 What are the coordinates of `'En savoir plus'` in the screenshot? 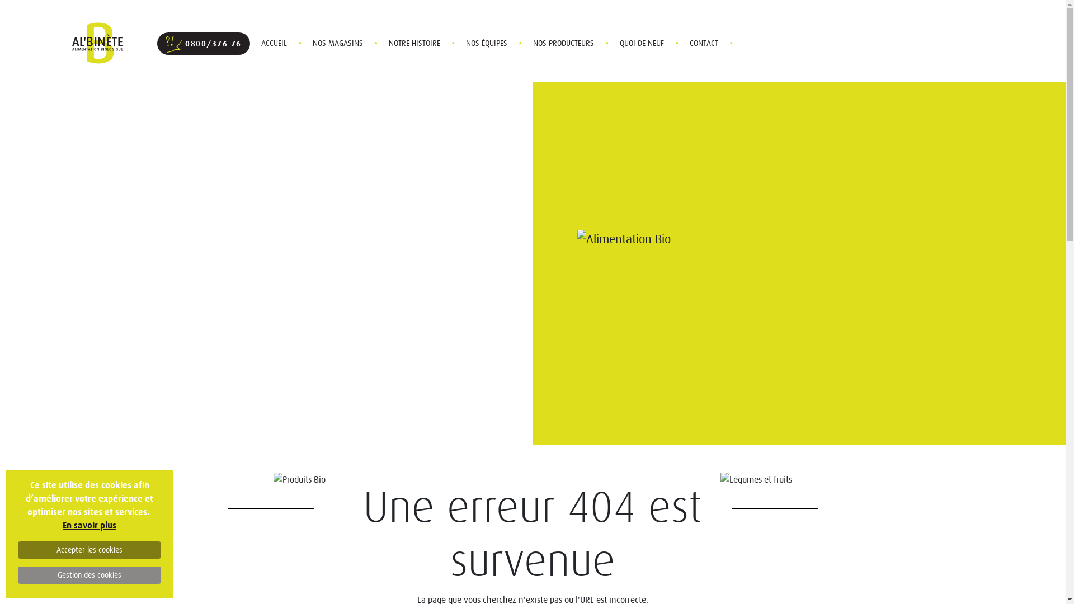 It's located at (88, 525).